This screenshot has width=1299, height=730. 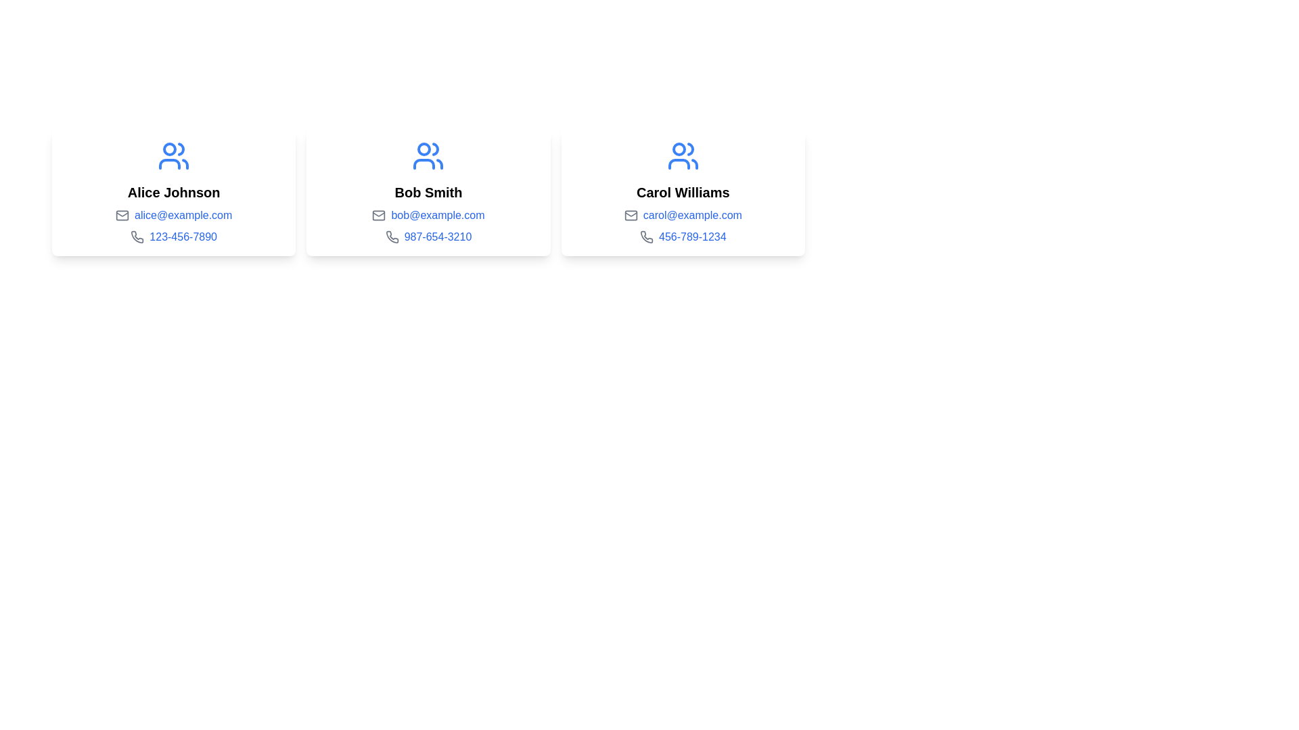 I want to click on the email icon representing the email functionality located to the left of 'carol@example.com', associated with 'Carol Williams', so click(x=630, y=215).